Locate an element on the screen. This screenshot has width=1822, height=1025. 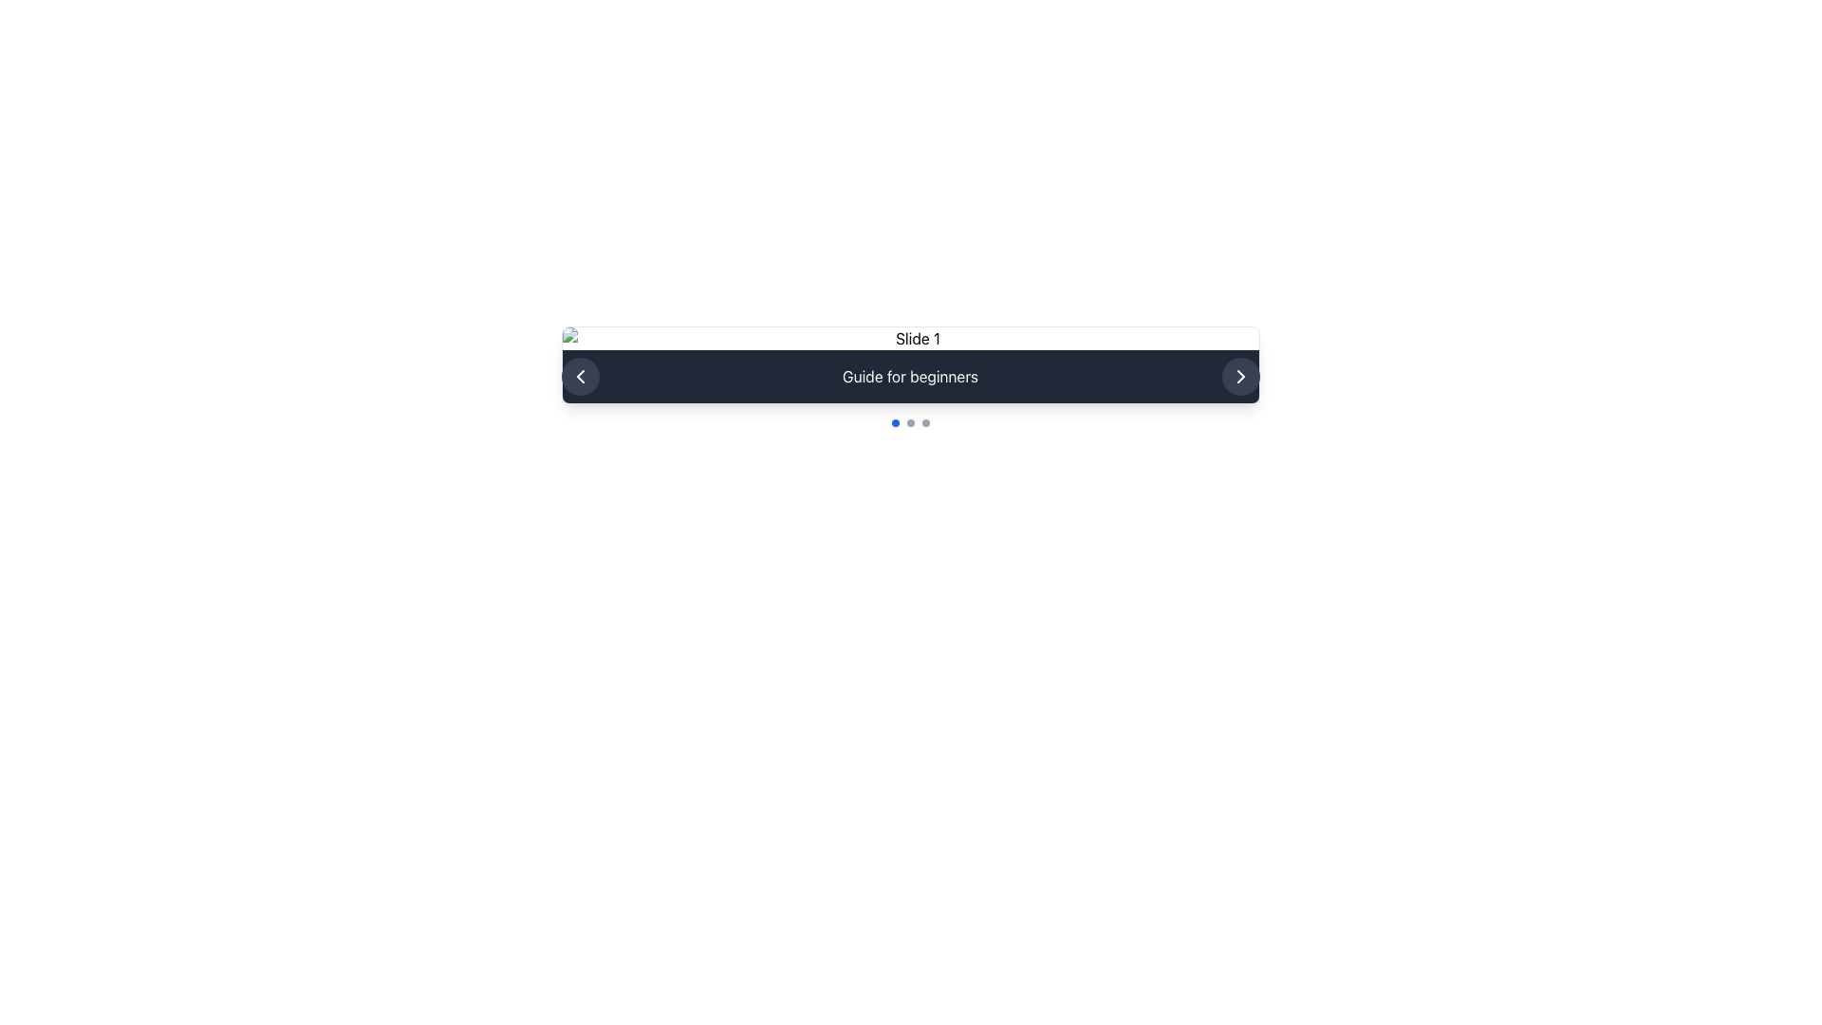
the navigation button (arrow icon) located at the center-right of the horizontal navigation bar is located at coordinates (1240, 377).